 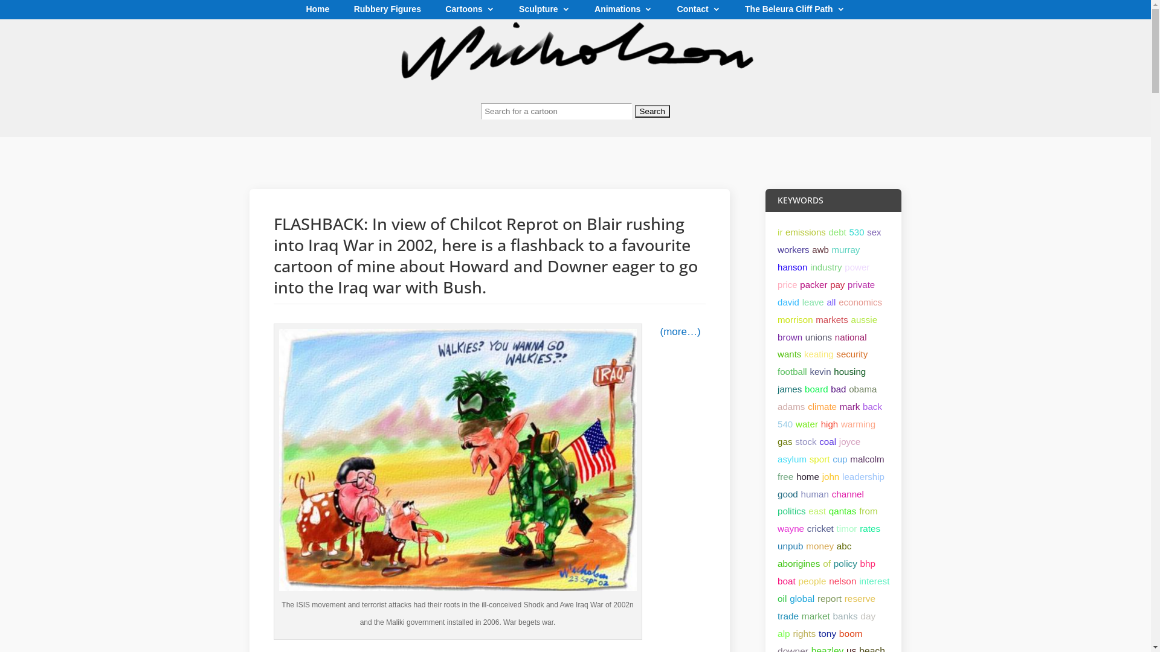 What do you see at coordinates (867, 616) in the screenshot?
I see `'day'` at bounding box center [867, 616].